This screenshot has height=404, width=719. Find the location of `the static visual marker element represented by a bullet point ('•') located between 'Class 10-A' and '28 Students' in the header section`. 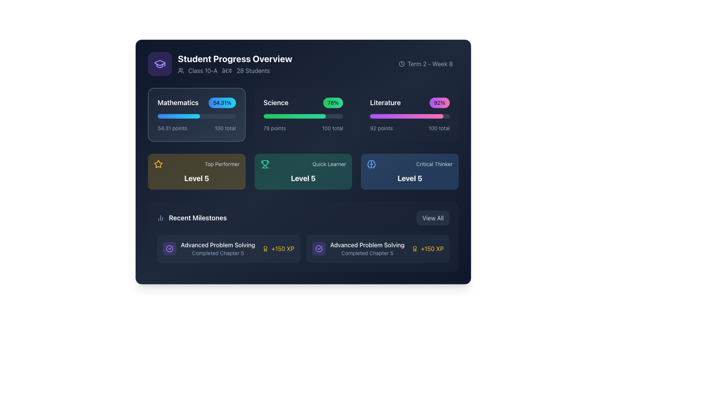

the static visual marker element represented by a bullet point ('•') located between 'Class 10-A' and '28 Students' in the header section is located at coordinates (227, 71).